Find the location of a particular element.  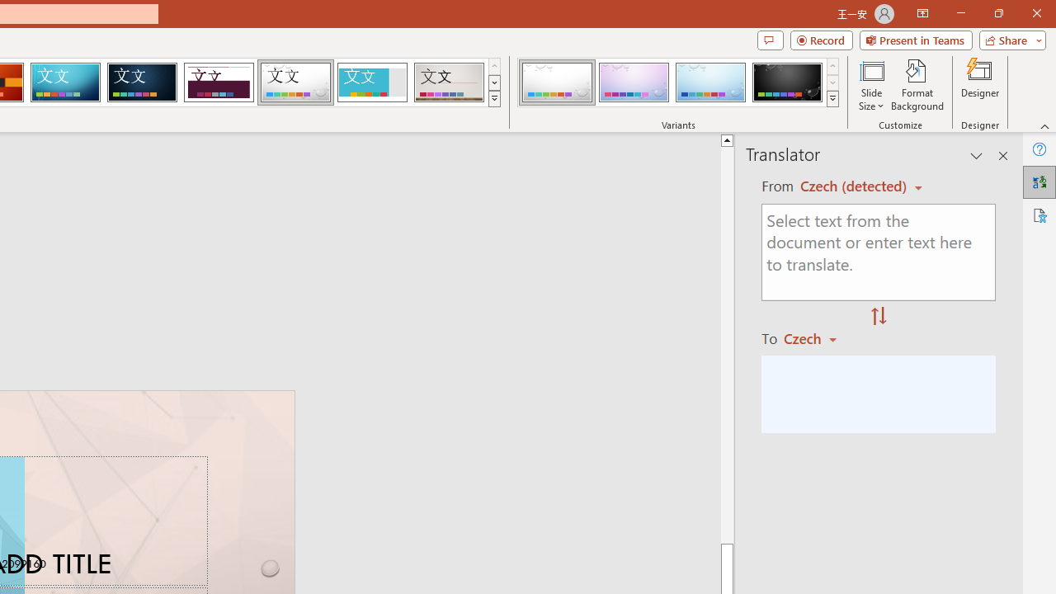

'Droplet Variant 1' is located at coordinates (557, 82).